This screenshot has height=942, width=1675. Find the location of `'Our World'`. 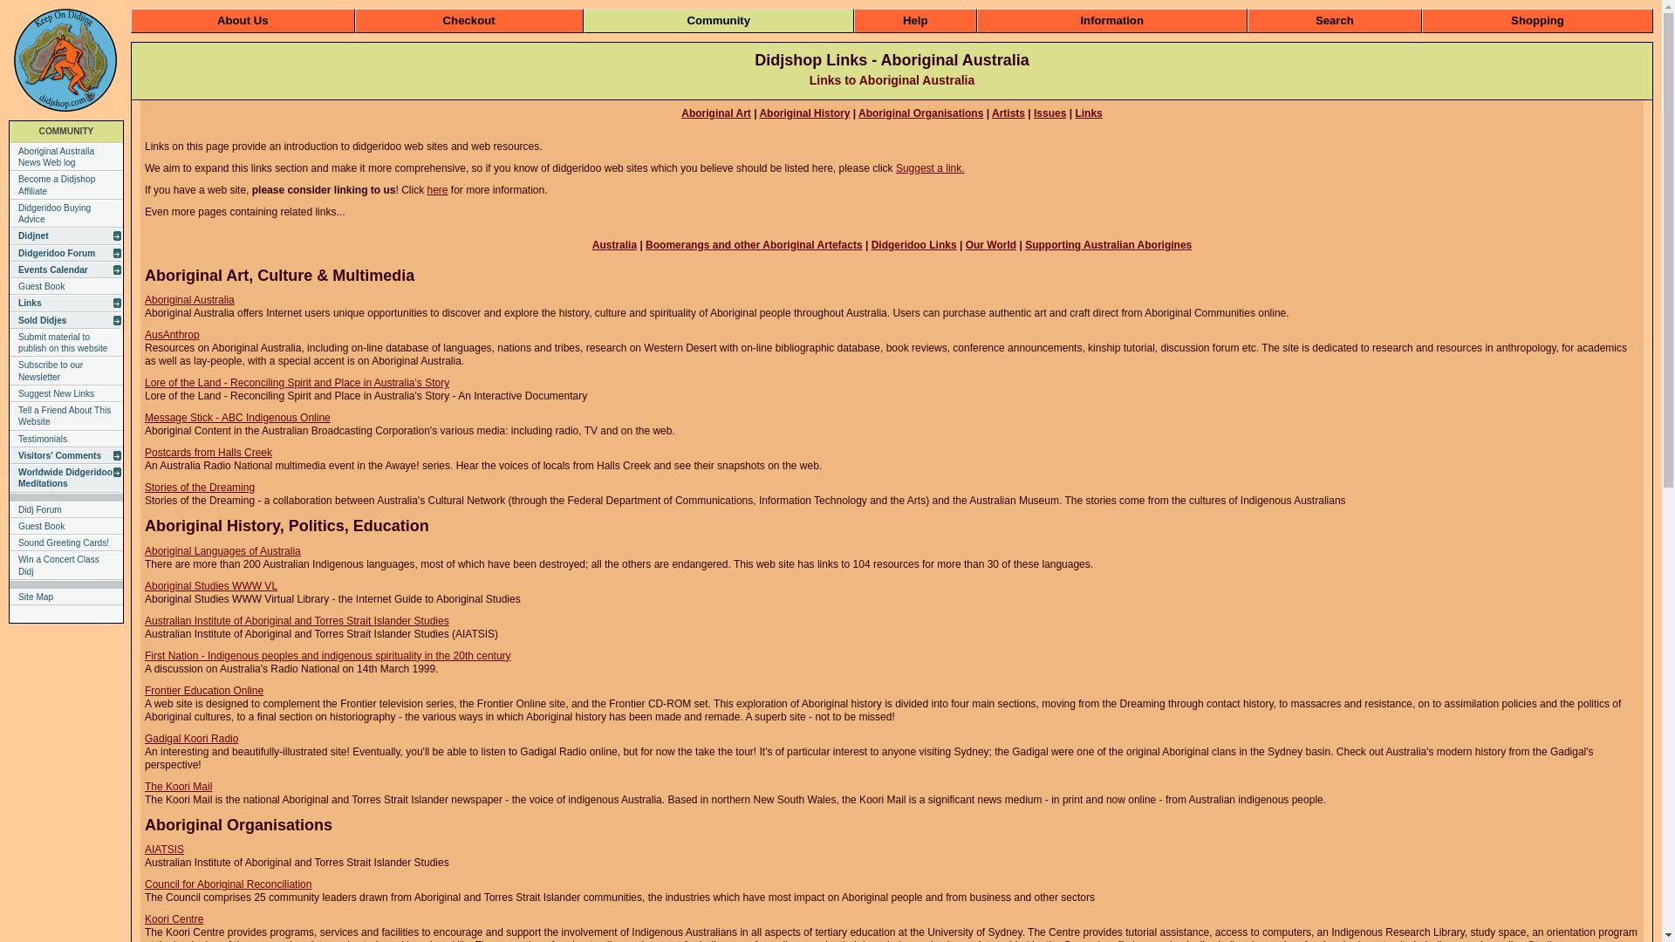

'Our World' is located at coordinates (991, 245).